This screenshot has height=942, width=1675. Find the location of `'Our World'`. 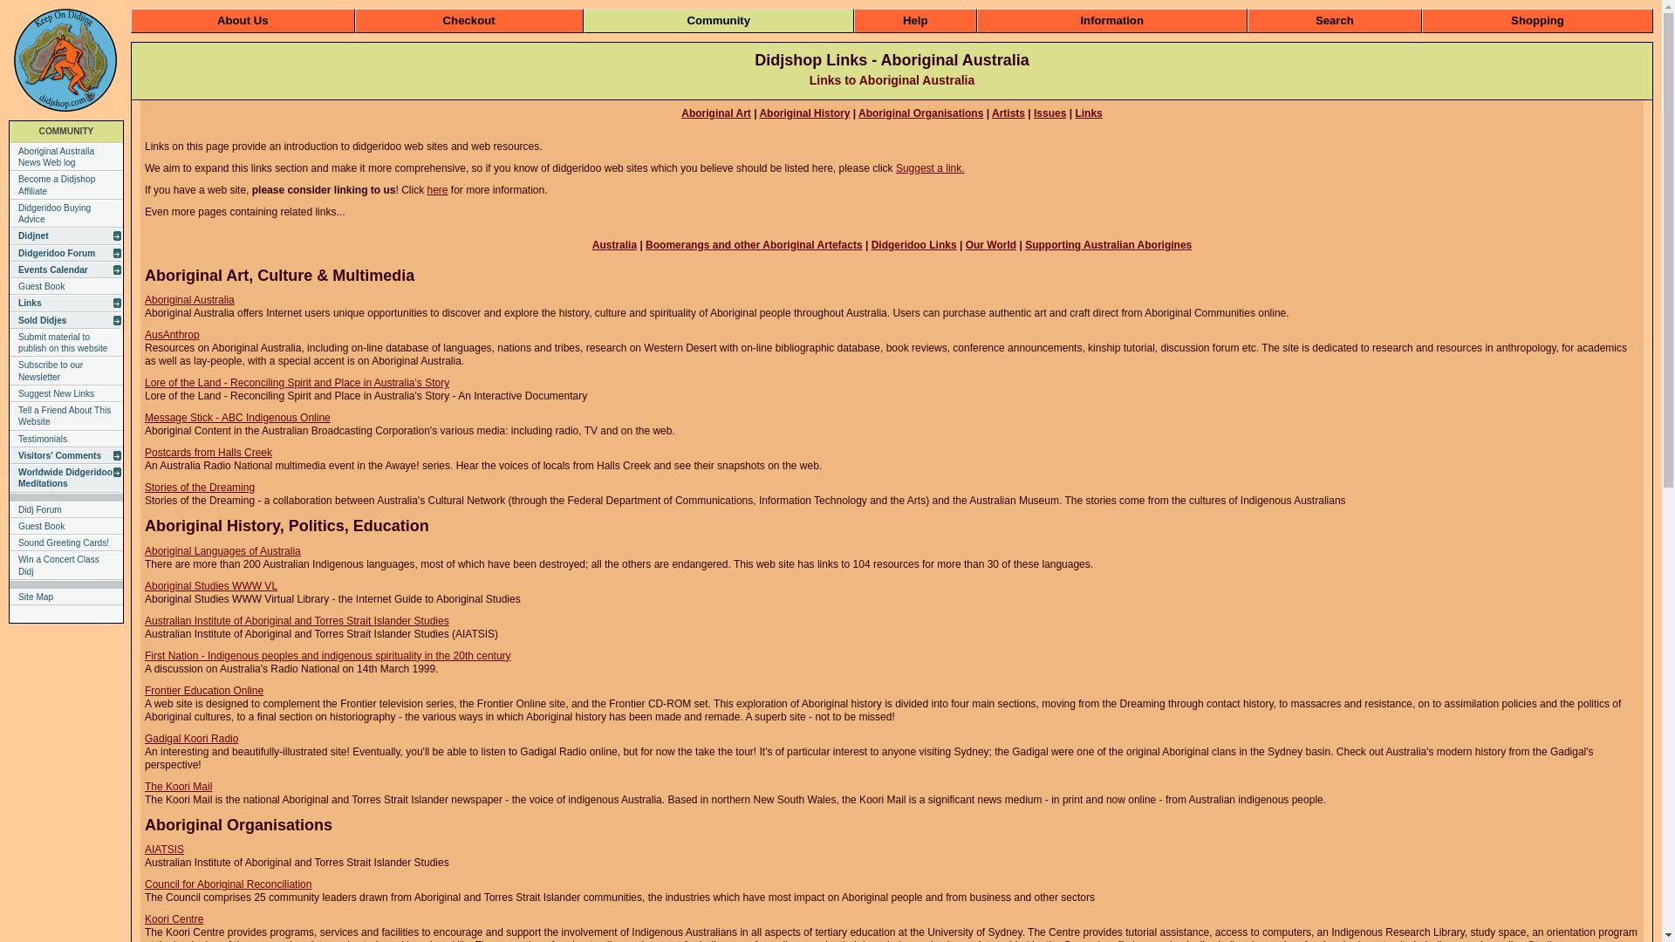

'Our World' is located at coordinates (991, 245).